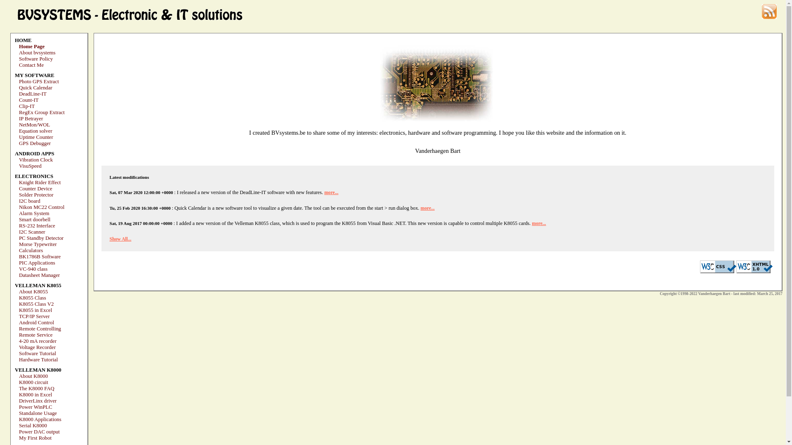 This screenshot has width=792, height=445. I want to click on 'Home Page', so click(31, 46).